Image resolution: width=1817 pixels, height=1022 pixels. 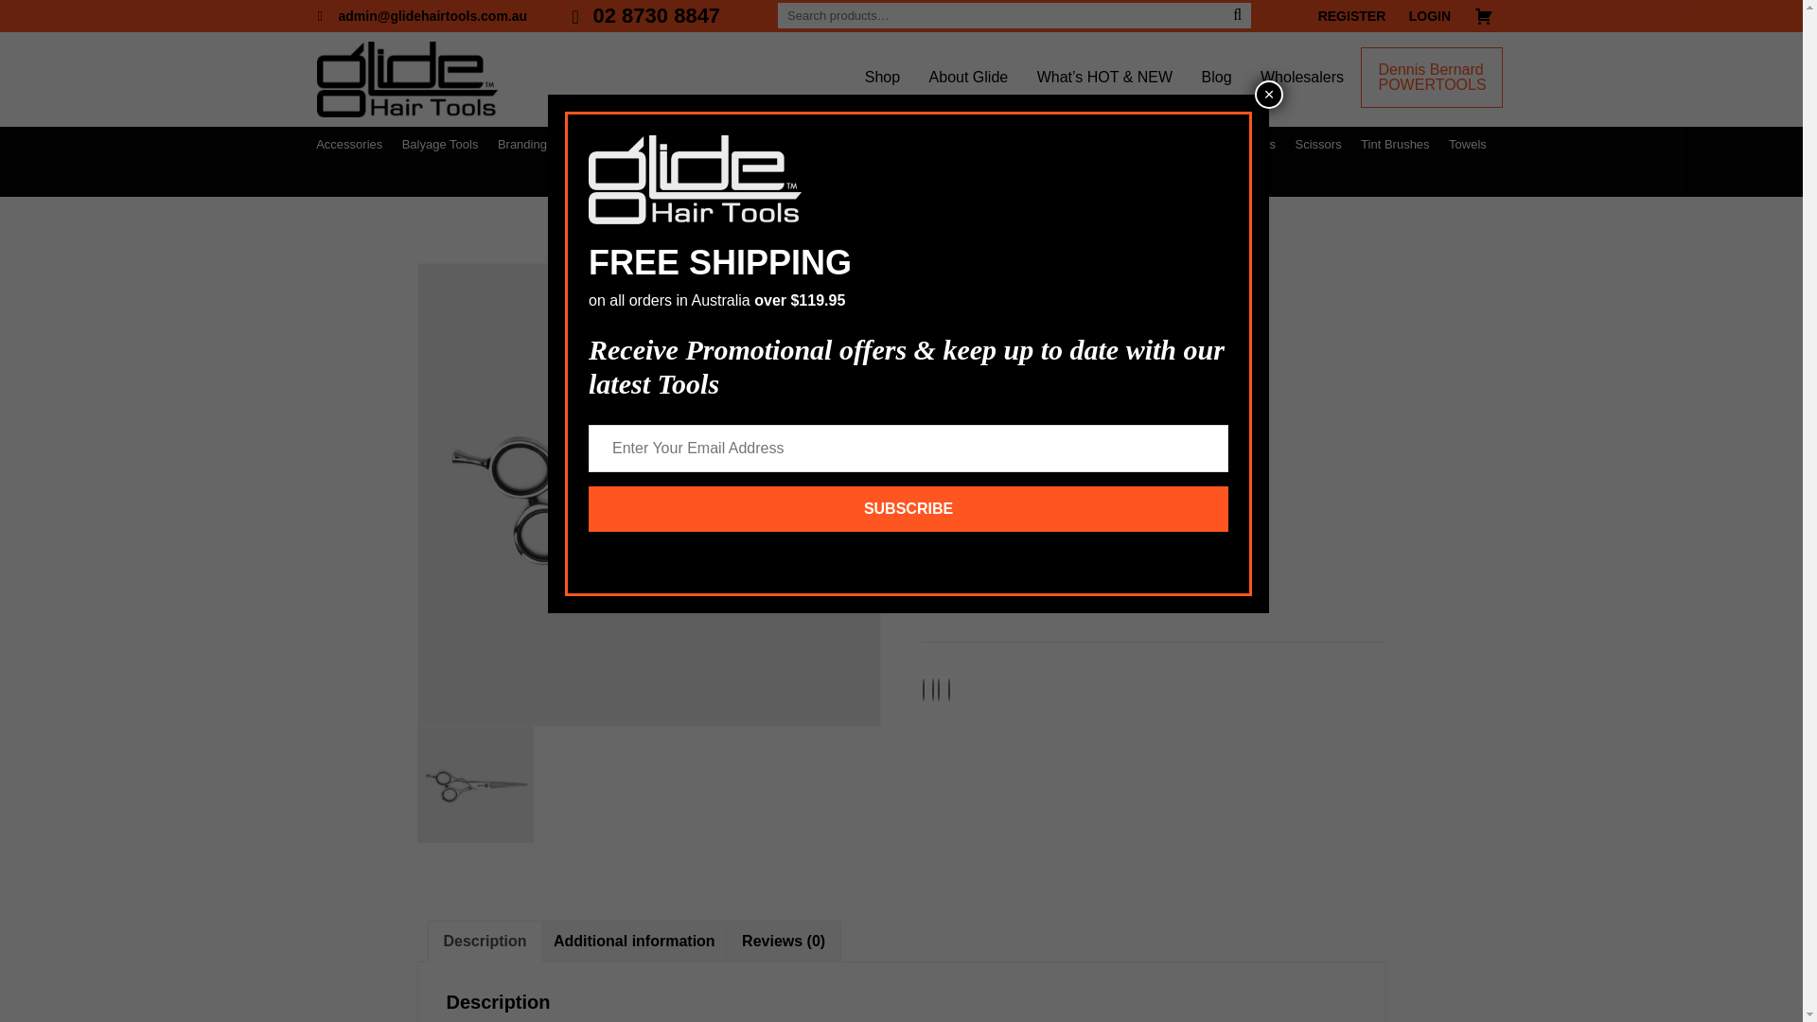 What do you see at coordinates (439, 143) in the screenshot?
I see `'Balyage Tools'` at bounding box center [439, 143].